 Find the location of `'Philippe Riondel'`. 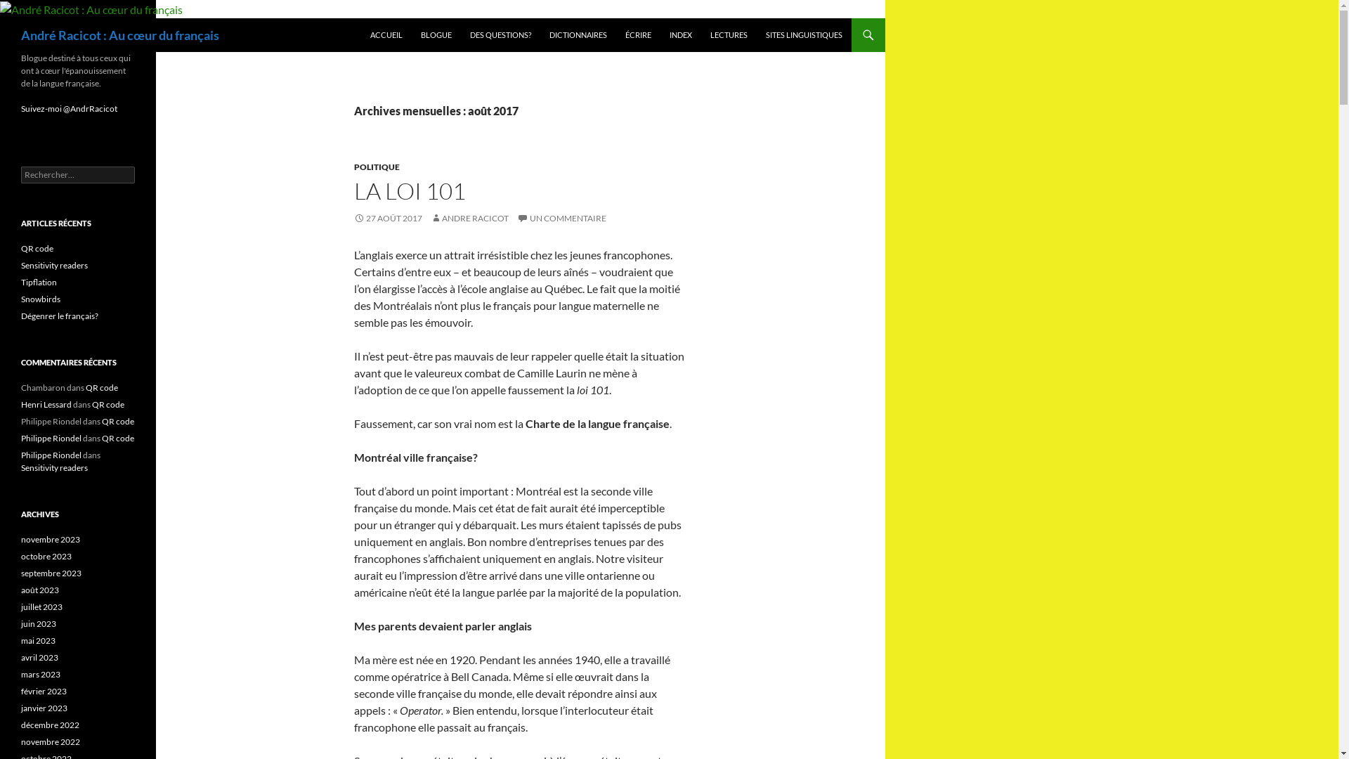

'Philippe Riondel' is located at coordinates (51, 455).